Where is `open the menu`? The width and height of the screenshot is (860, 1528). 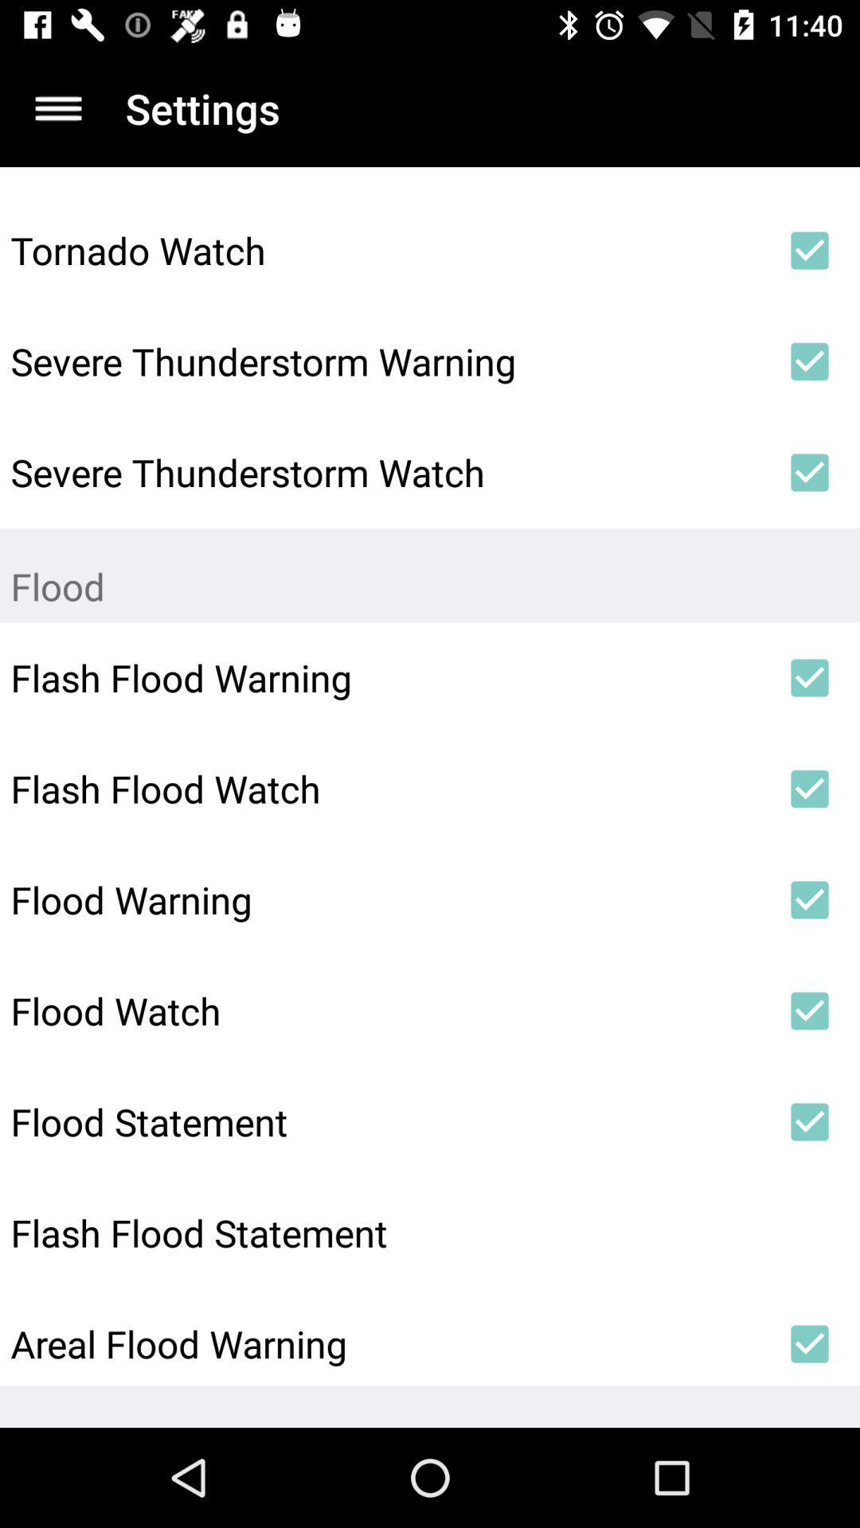 open the menu is located at coordinates (57, 107).